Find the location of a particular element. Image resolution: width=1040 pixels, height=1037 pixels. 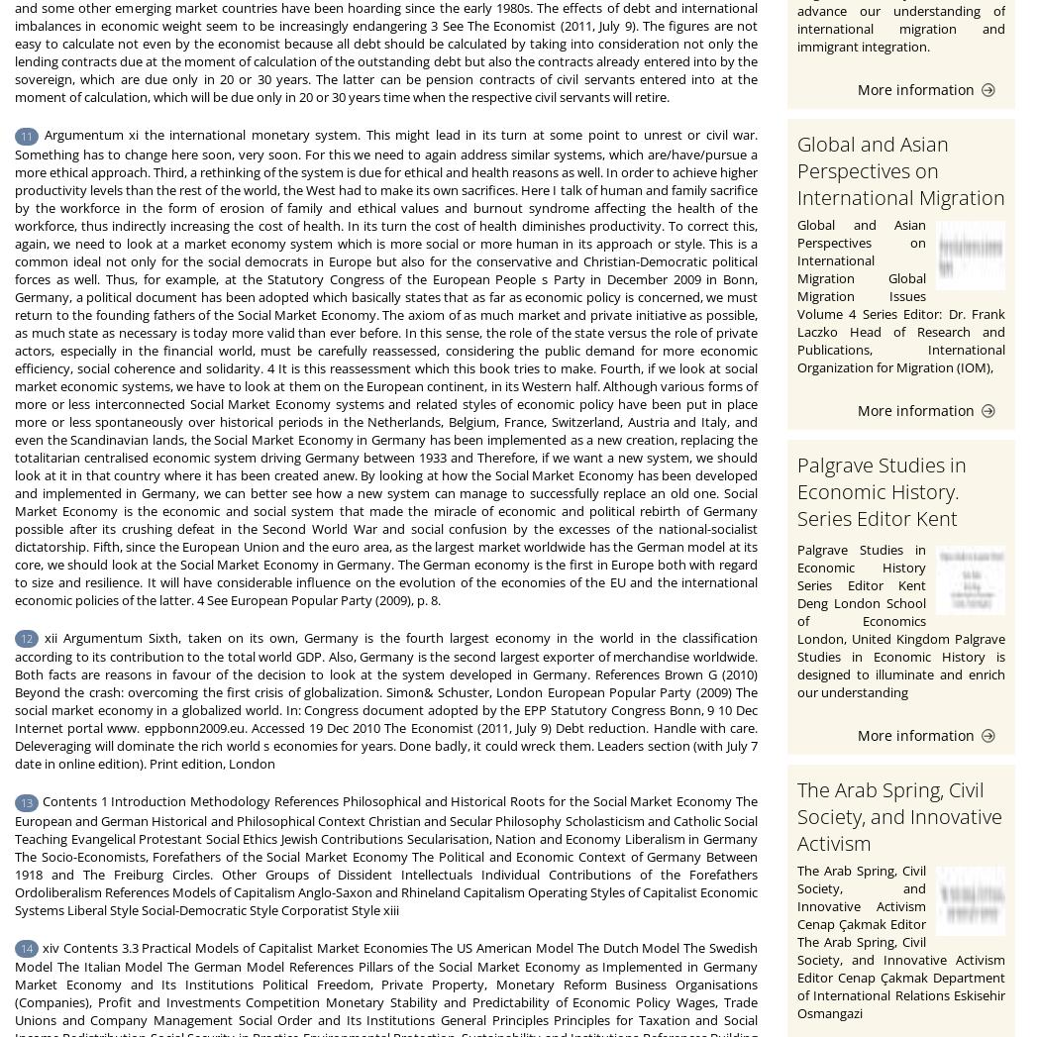

'Palgrave Studies in Economic History. Series Editor Kent Deng London School of Economics London, United Kingdom' is located at coordinates (796, 530).